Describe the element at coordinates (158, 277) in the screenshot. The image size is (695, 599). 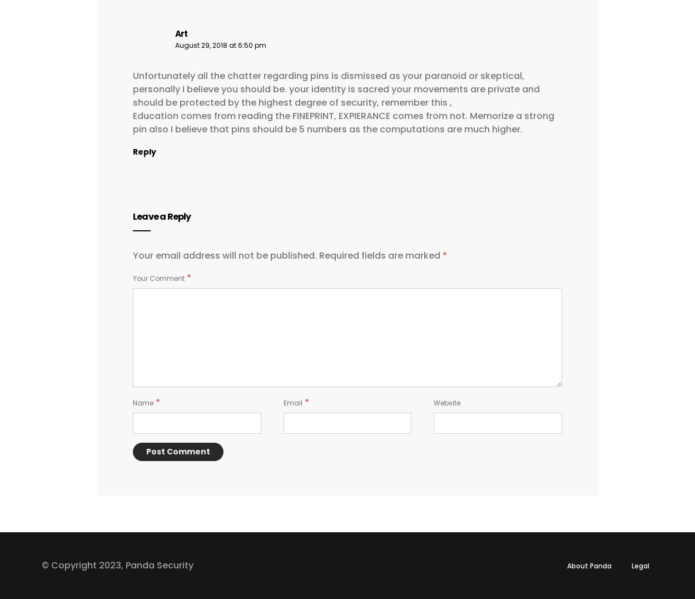
I see `'Your Comment'` at that location.